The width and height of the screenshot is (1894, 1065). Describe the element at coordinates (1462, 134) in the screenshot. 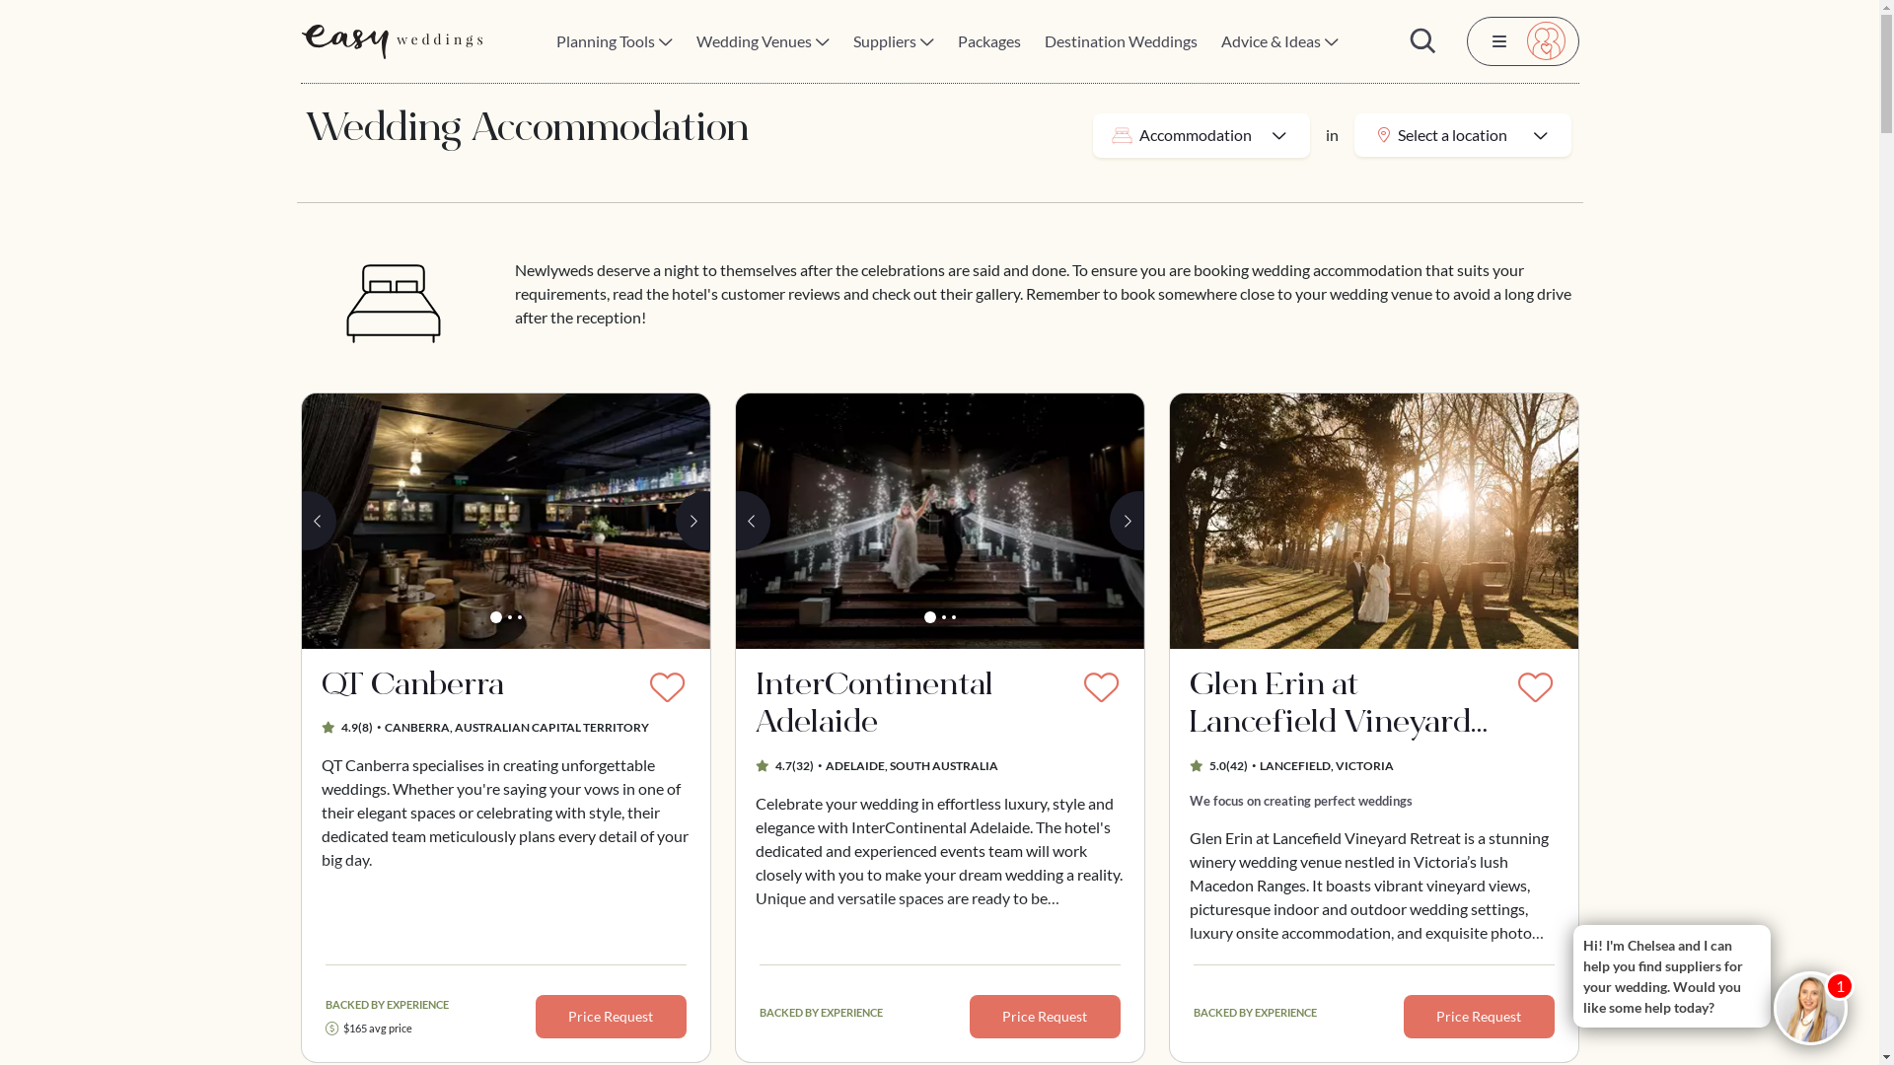

I see `'Select a location'` at that location.